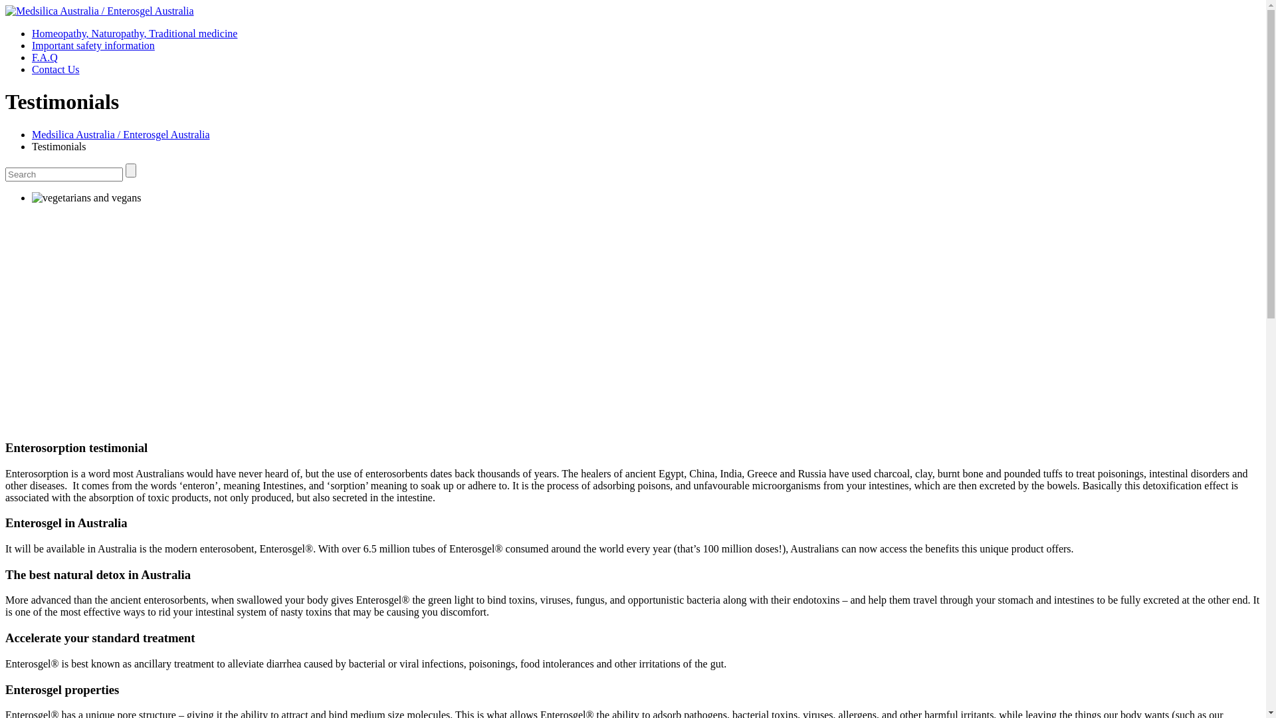 The width and height of the screenshot is (1276, 718). I want to click on 'Important safety information', so click(92, 45).